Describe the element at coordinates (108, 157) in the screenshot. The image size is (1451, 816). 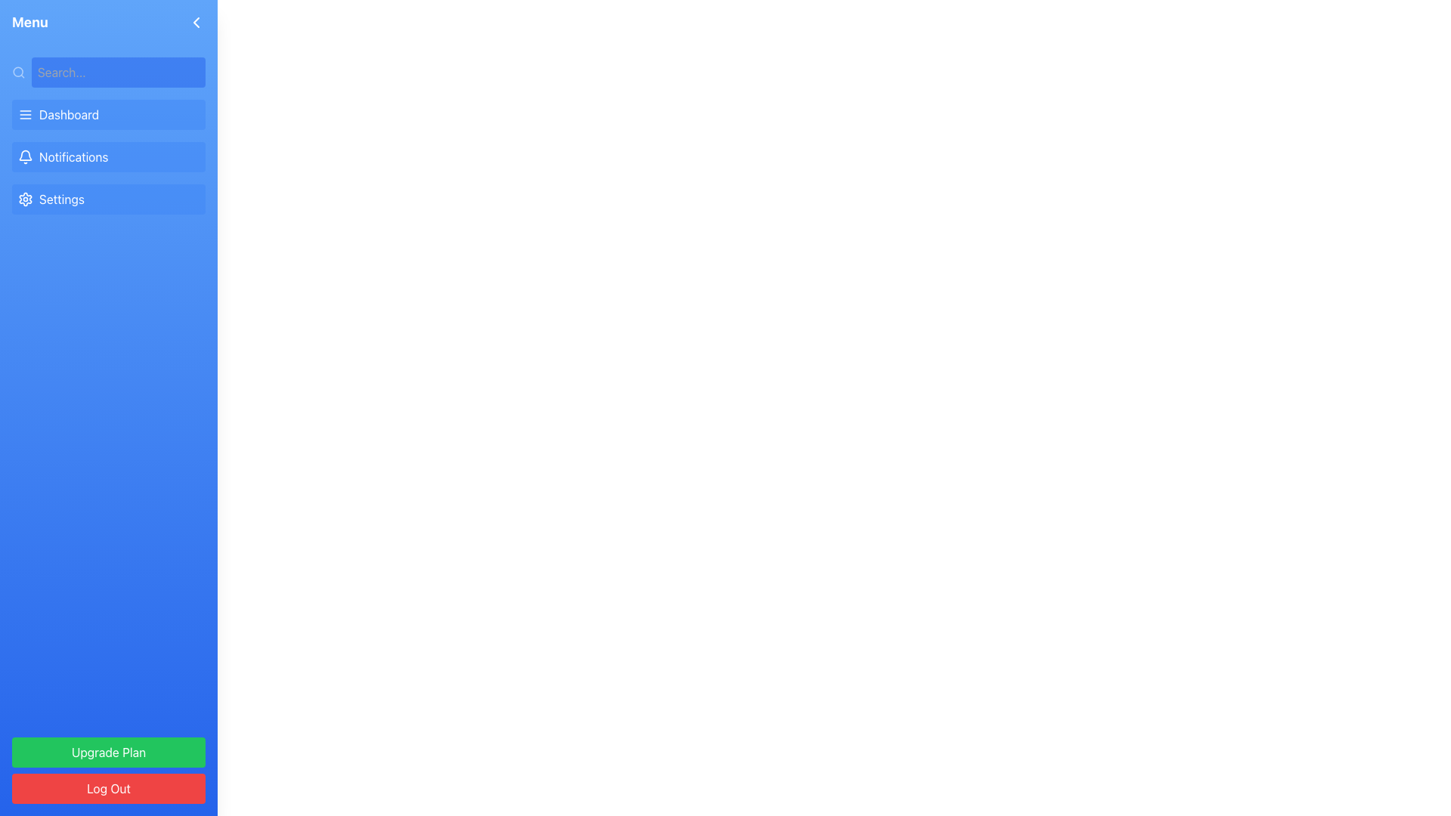
I see `the 'Notifications' menu item, which is the second option in the sidebar menu` at that location.